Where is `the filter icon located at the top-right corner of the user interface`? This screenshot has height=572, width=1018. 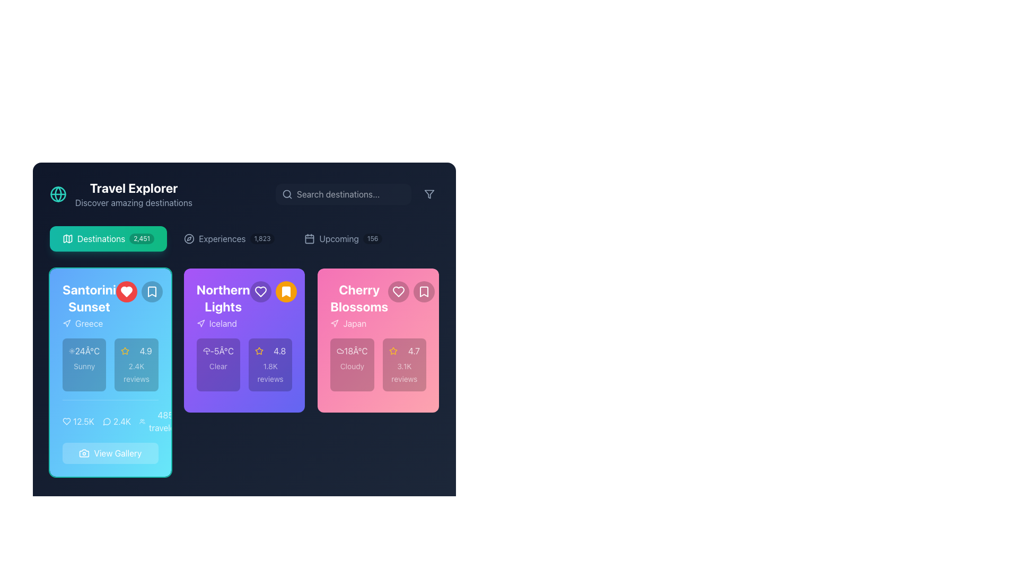 the filter icon located at the top-right corner of the user interface is located at coordinates (429, 194).